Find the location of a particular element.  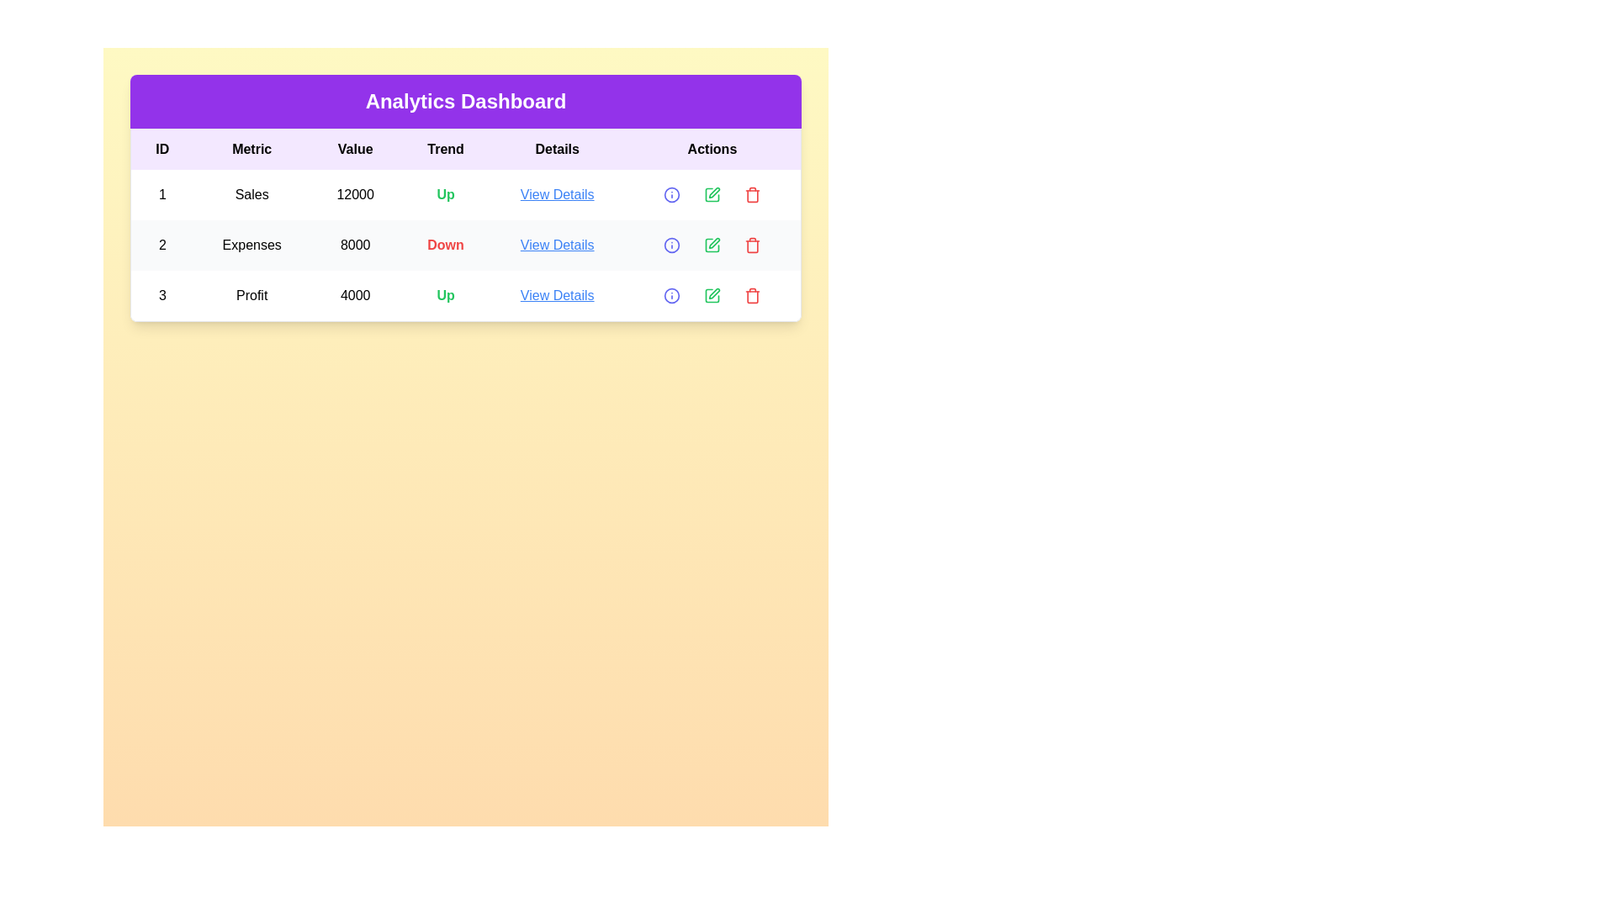

the circular graphical component styled with a stroke, which is part of the action icon in the 'Actions' column for 'Expenses' is located at coordinates (670, 245).